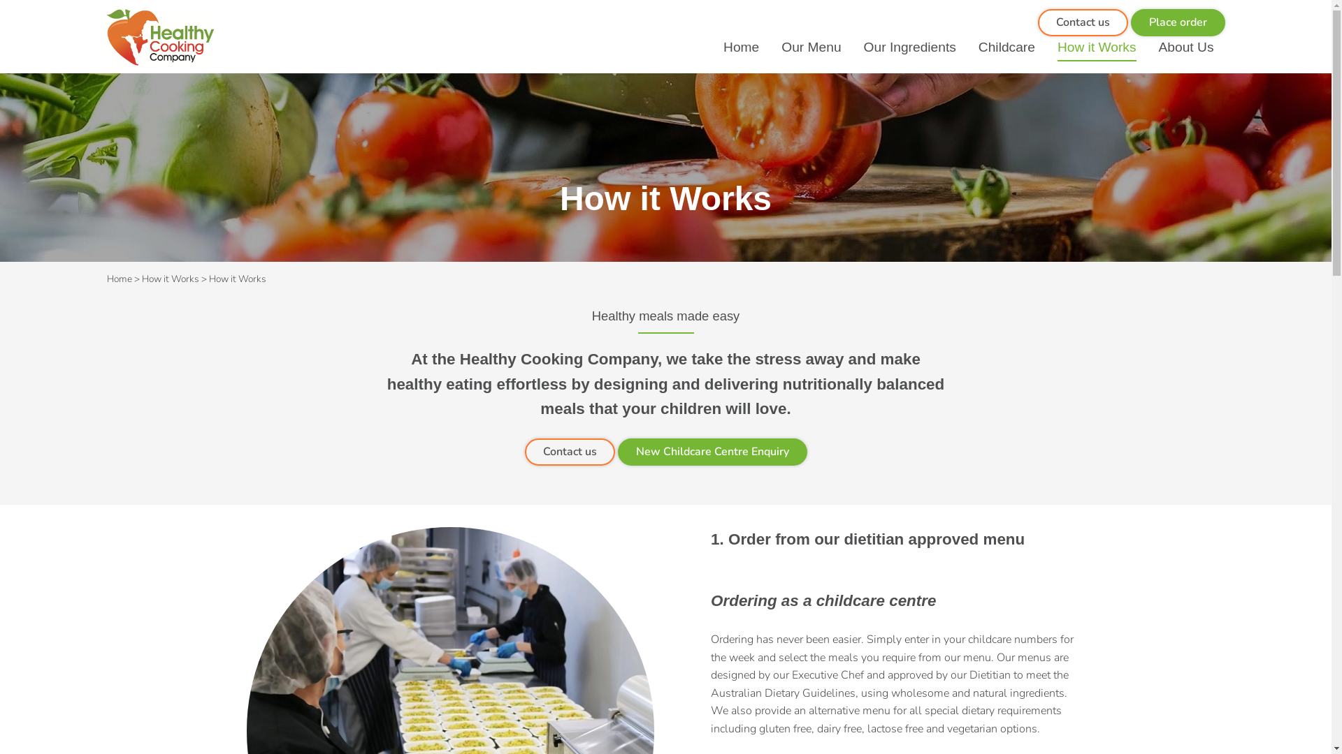 This screenshot has width=1342, height=754. What do you see at coordinates (740, 47) in the screenshot?
I see `'Home'` at bounding box center [740, 47].